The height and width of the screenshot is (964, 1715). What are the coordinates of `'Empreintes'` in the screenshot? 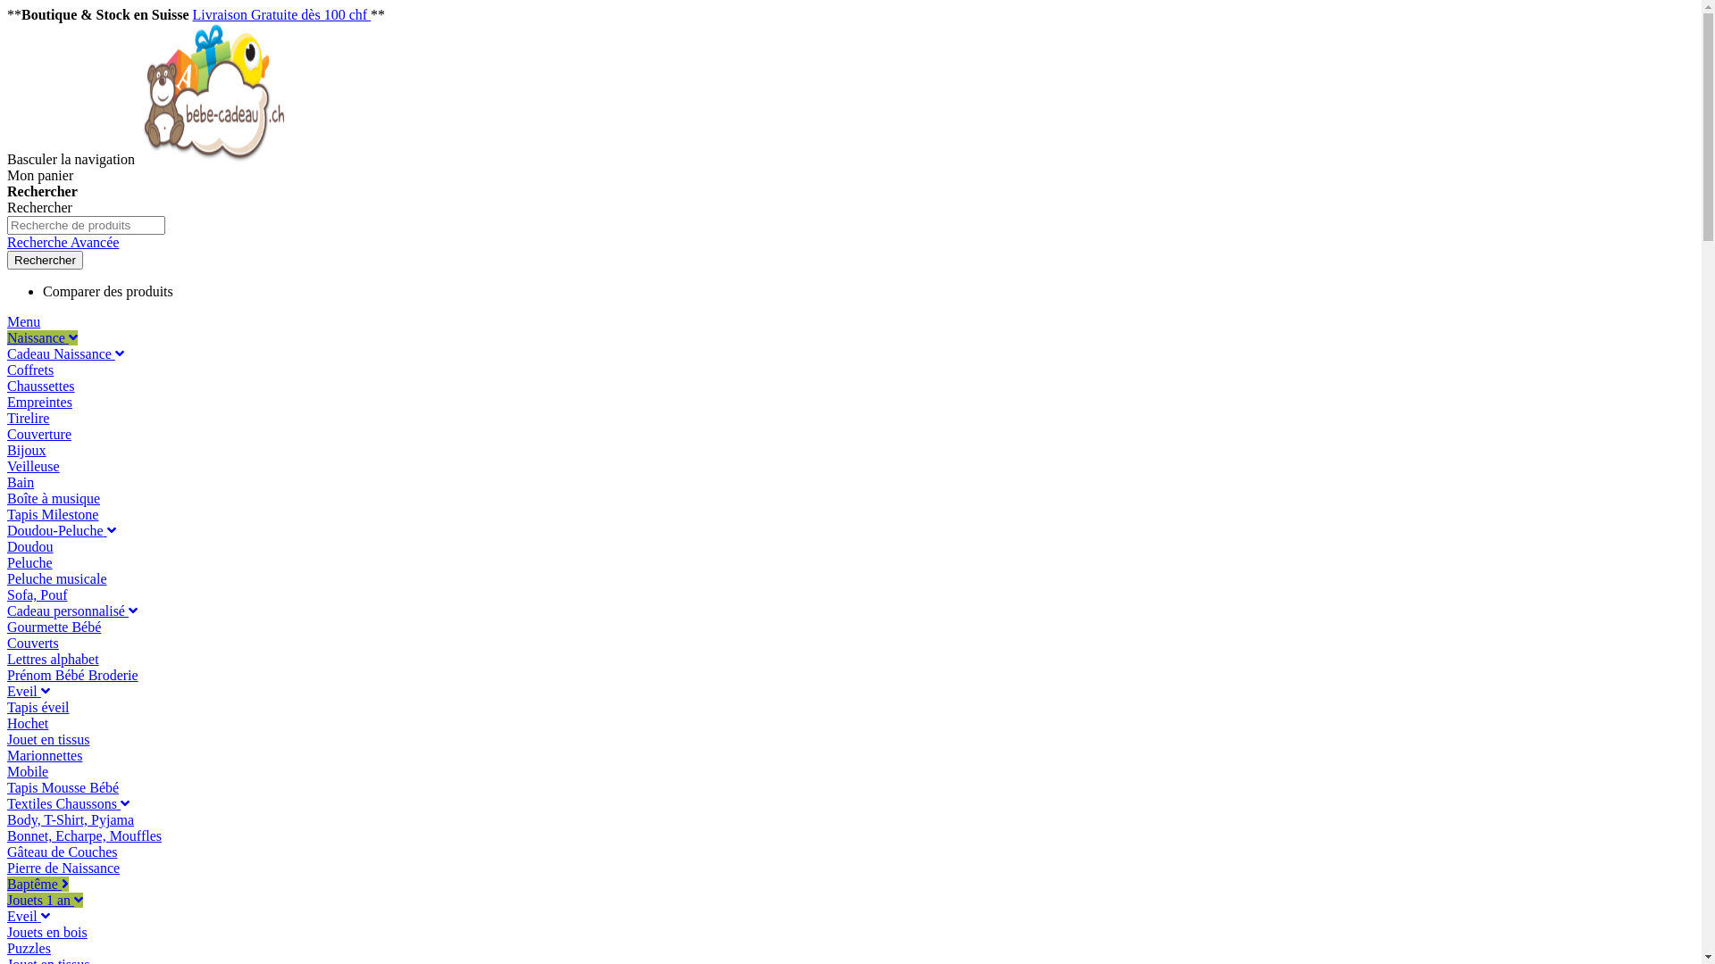 It's located at (7, 402).